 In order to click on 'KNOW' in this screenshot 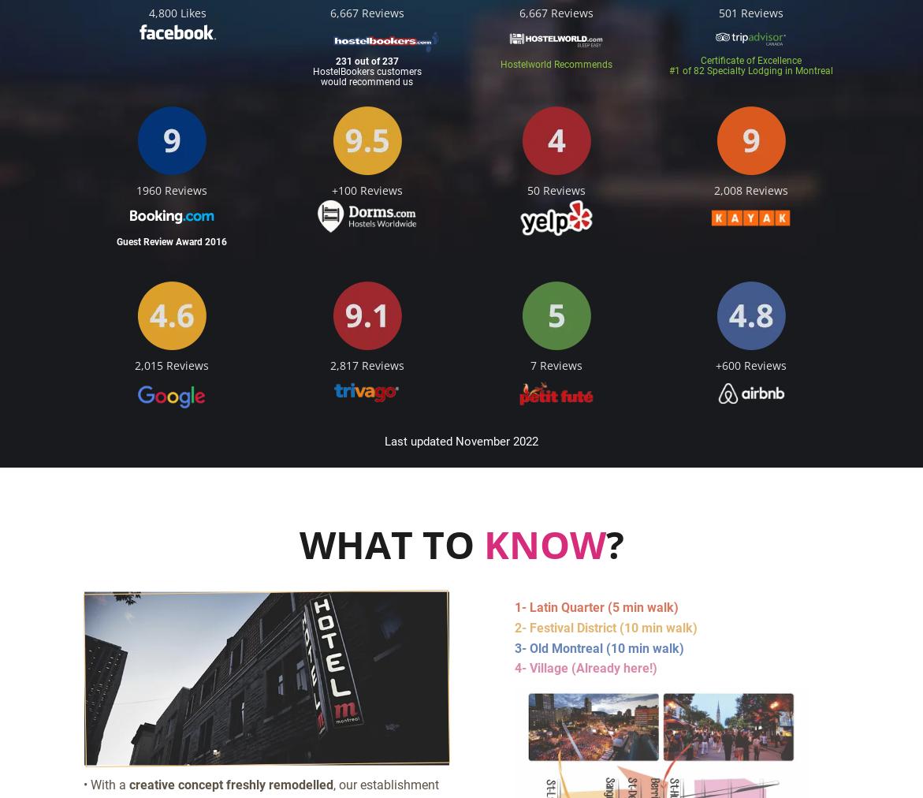, I will do `click(543, 544)`.